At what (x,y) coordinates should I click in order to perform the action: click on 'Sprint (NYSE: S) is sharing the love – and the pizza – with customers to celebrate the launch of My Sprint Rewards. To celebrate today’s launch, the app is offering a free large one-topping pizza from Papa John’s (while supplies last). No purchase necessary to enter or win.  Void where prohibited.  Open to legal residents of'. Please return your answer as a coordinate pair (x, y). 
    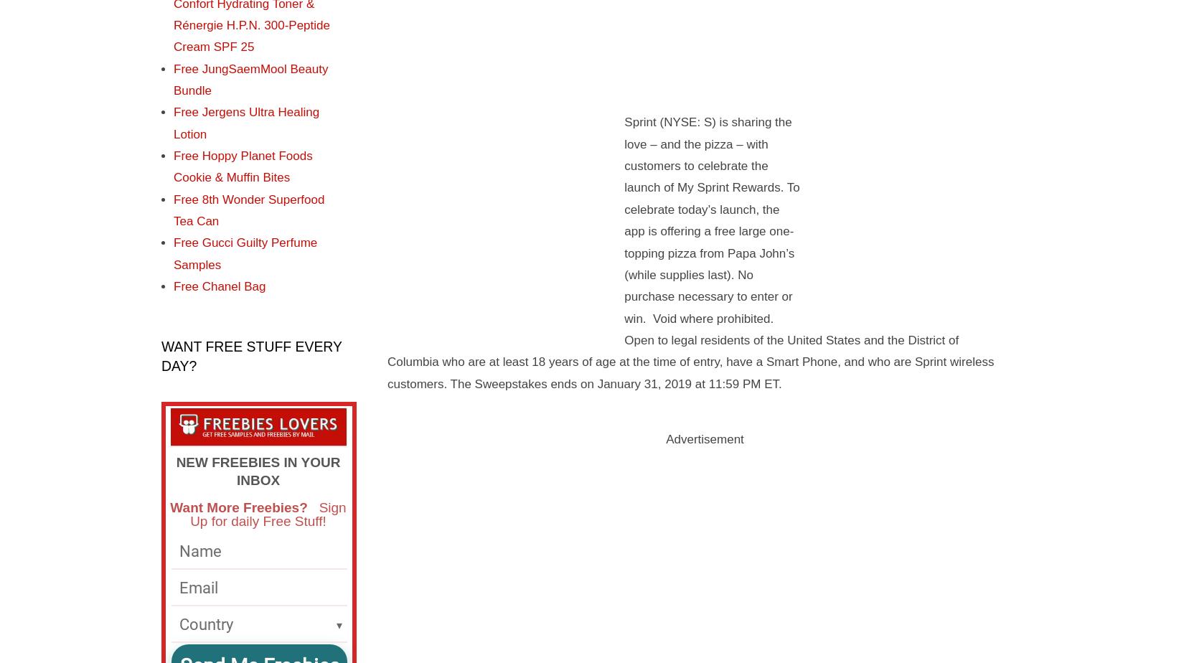
    Looking at the image, I should click on (624, 231).